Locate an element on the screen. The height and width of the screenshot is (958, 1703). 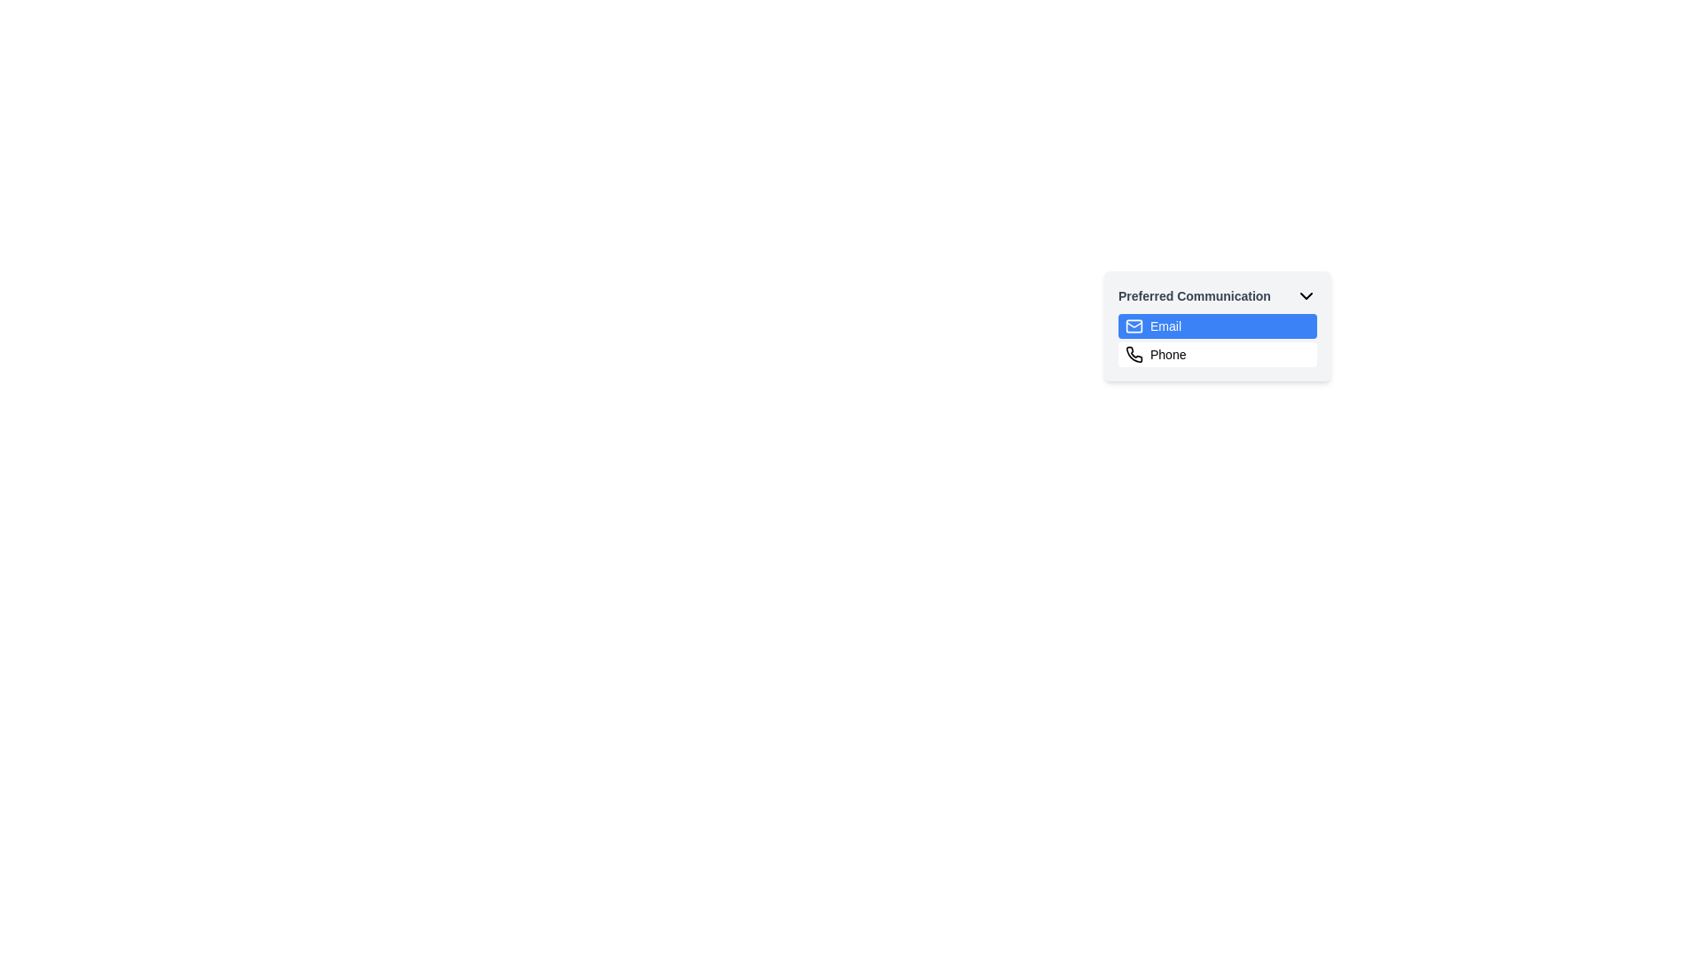
the options in the Dropdown menu labeled 'Preferred Communication' is located at coordinates (1216, 341).